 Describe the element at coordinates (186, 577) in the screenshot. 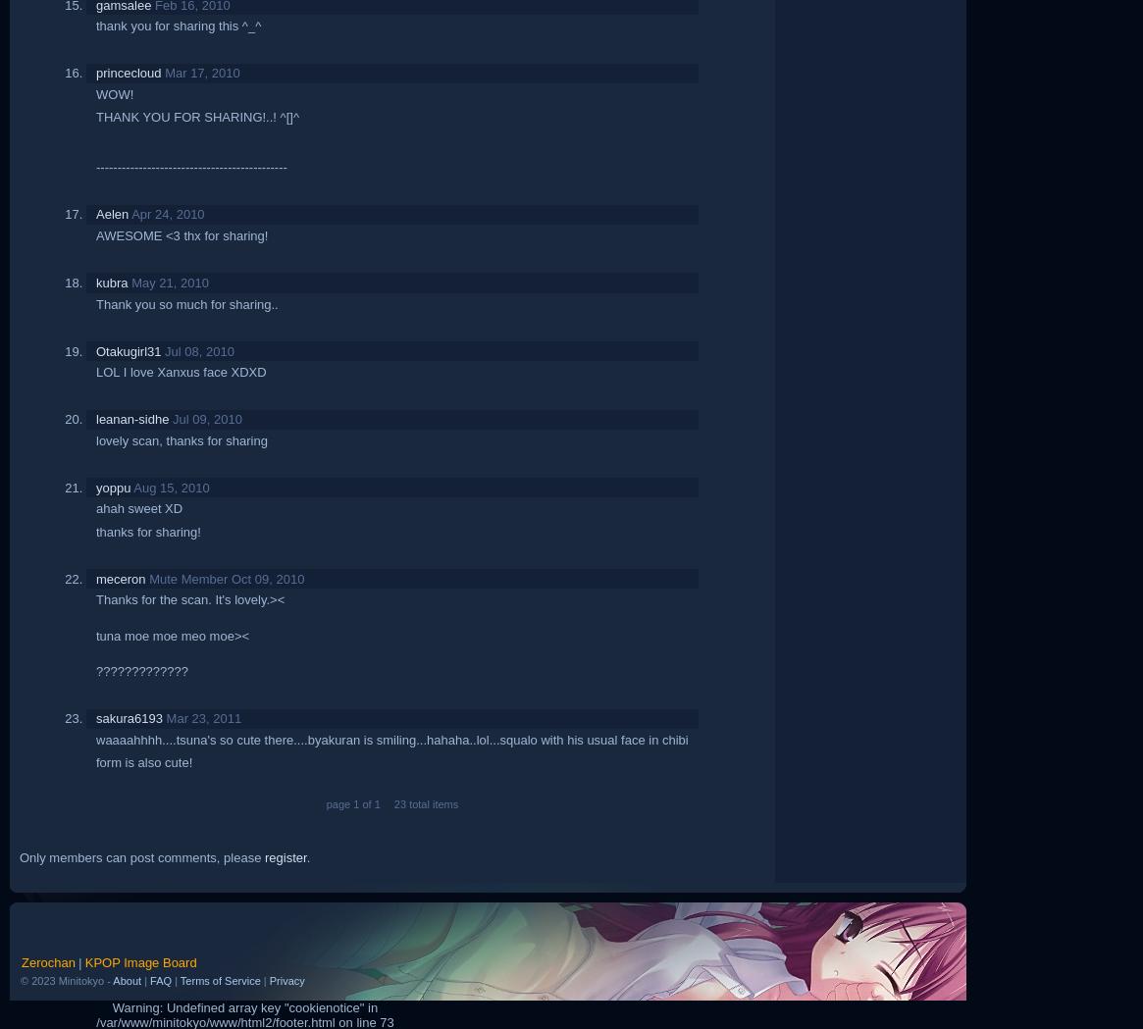

I see `'Mute Member'` at that location.